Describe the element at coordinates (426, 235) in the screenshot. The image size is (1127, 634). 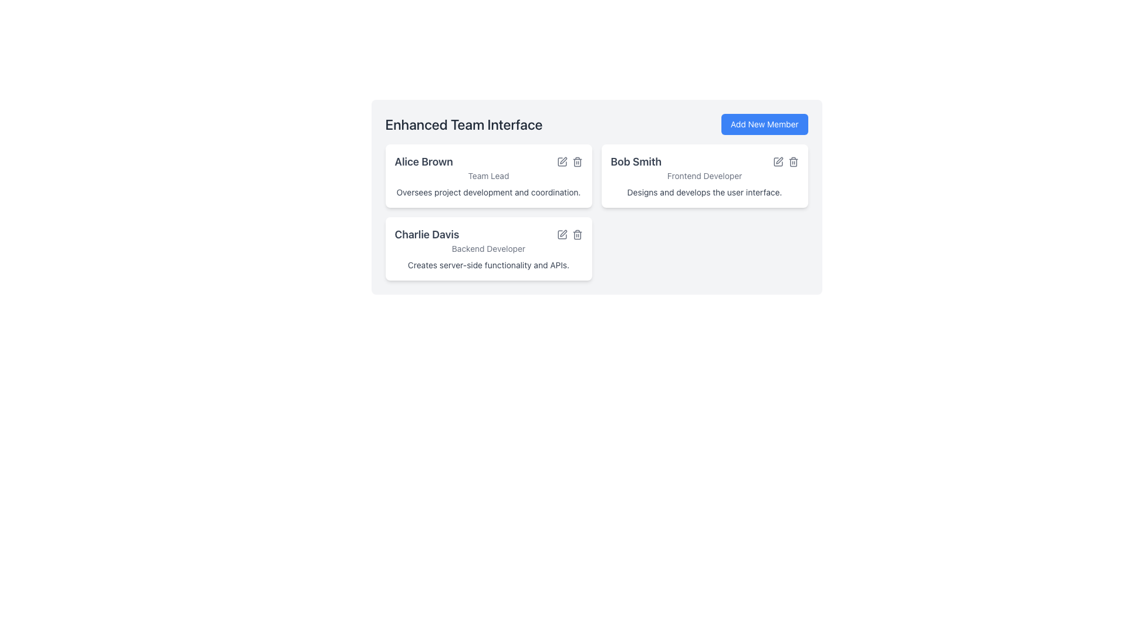
I see `the text label displaying 'Charlie Davis', which is styled in large bold dark gray font, located at the top of the card layout in the 'Enhanced Team Interface'` at that location.